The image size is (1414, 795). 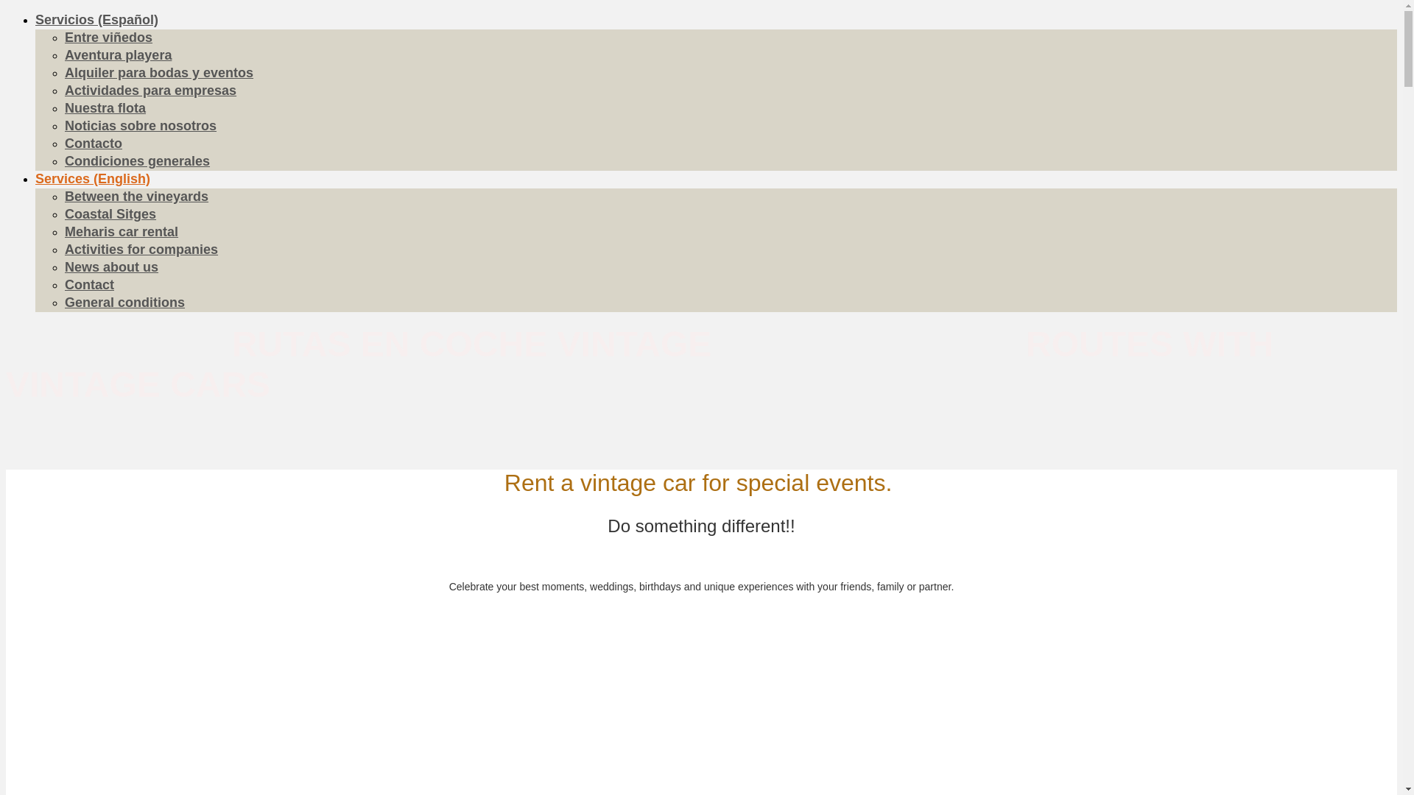 What do you see at coordinates (88, 284) in the screenshot?
I see `'Contact'` at bounding box center [88, 284].